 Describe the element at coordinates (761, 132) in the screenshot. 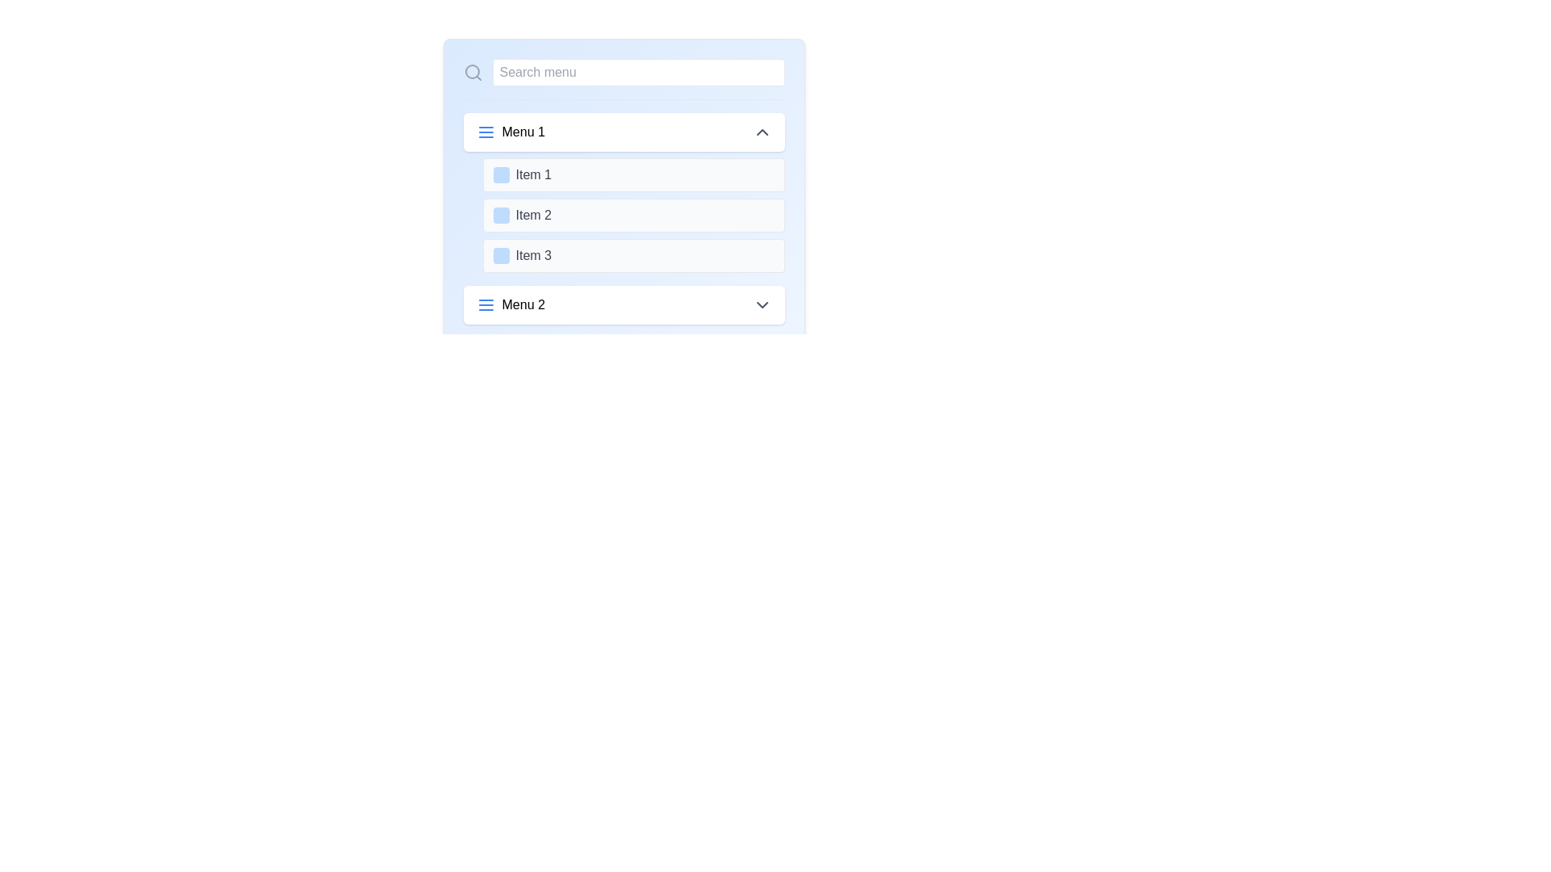

I see `the Dropdown toggle icon located to the right of the 'Menu 1' text` at that location.